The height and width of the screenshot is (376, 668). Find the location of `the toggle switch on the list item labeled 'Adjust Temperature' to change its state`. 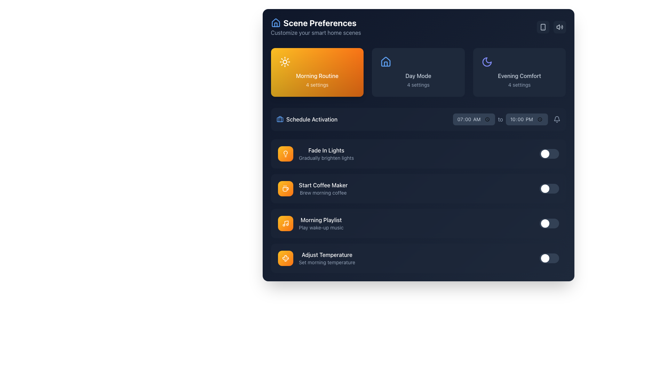

the toggle switch on the list item labeled 'Adjust Temperature' to change its state is located at coordinates (418, 258).